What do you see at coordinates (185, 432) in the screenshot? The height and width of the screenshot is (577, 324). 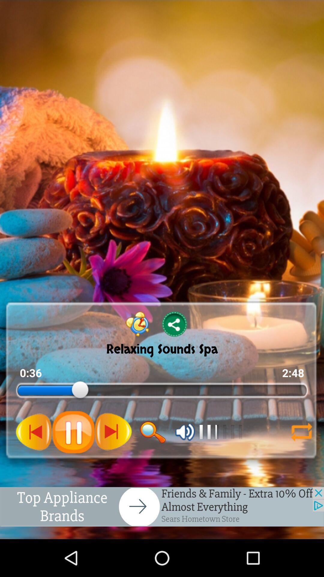 I see `mute volume` at bounding box center [185, 432].